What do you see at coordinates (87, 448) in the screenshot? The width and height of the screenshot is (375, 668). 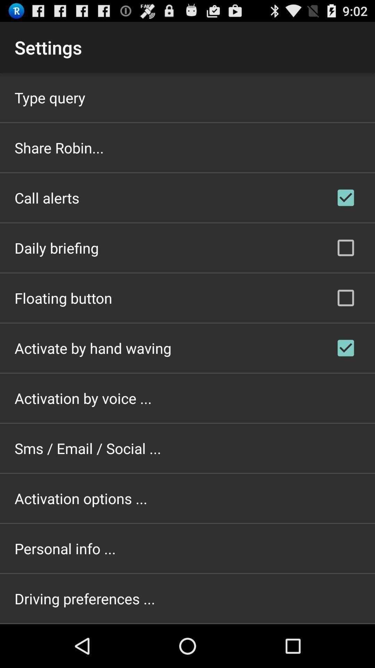 I see `the app above activation options ... app` at bounding box center [87, 448].